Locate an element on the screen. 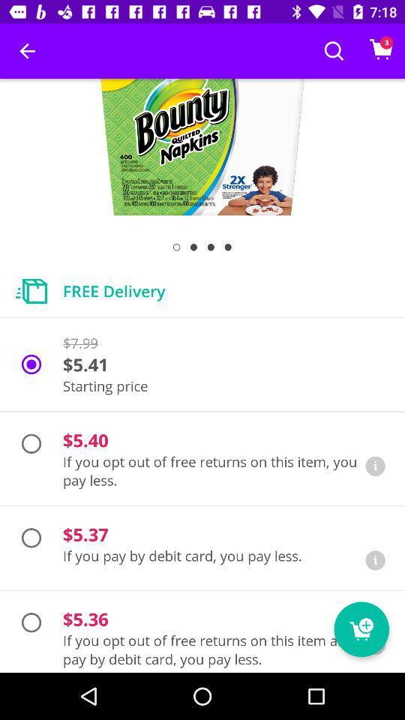  help option is located at coordinates (374, 465).